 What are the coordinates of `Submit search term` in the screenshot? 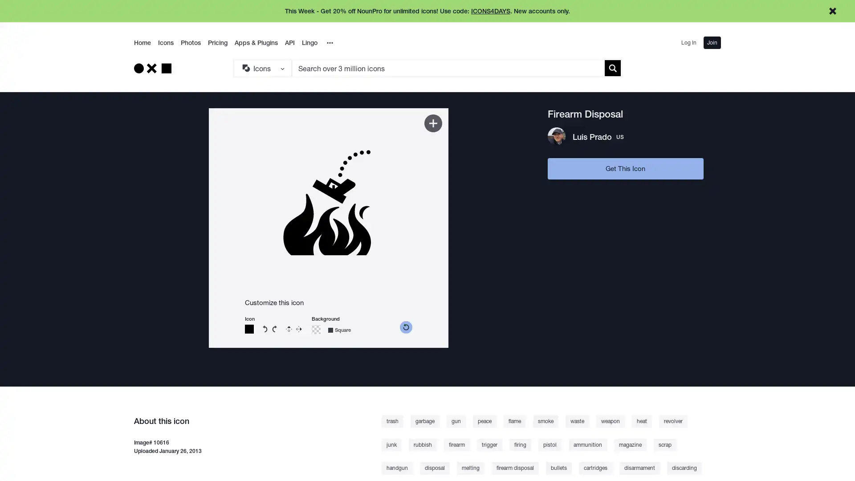 It's located at (611, 68).